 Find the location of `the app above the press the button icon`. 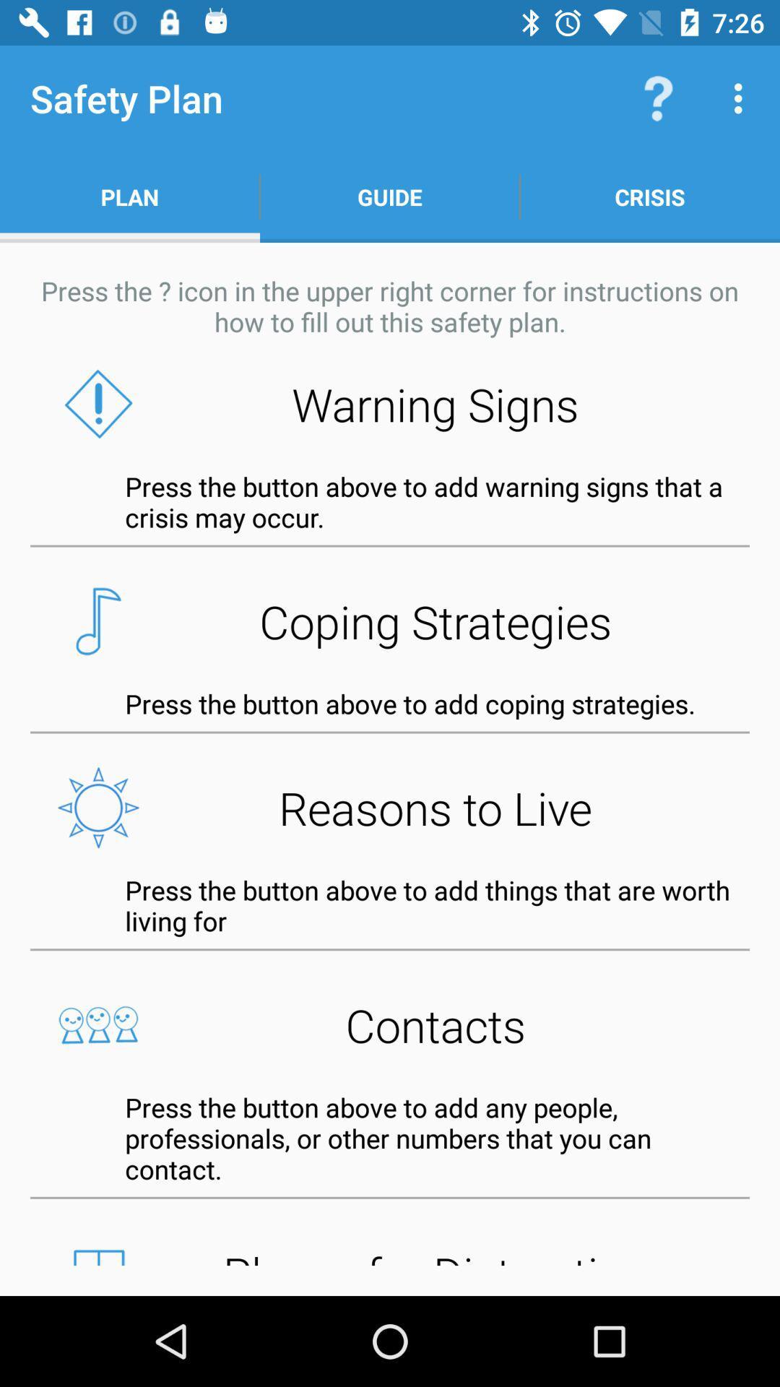

the app above the press the button icon is located at coordinates (390, 1024).